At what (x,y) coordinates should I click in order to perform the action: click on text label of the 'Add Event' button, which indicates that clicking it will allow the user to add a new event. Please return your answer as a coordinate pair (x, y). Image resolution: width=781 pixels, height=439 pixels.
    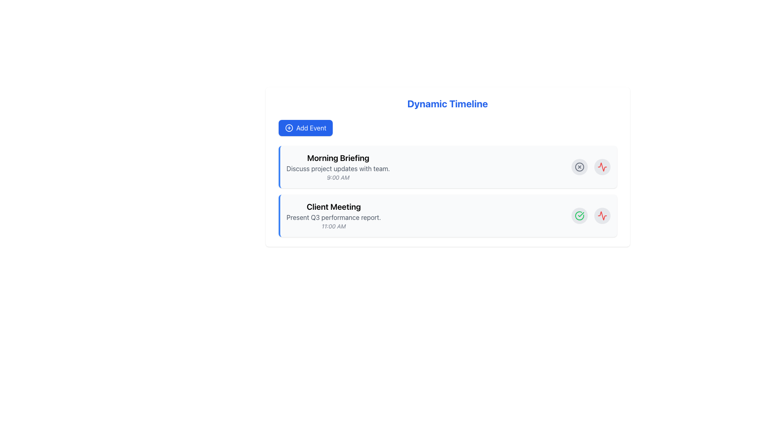
    Looking at the image, I should click on (311, 128).